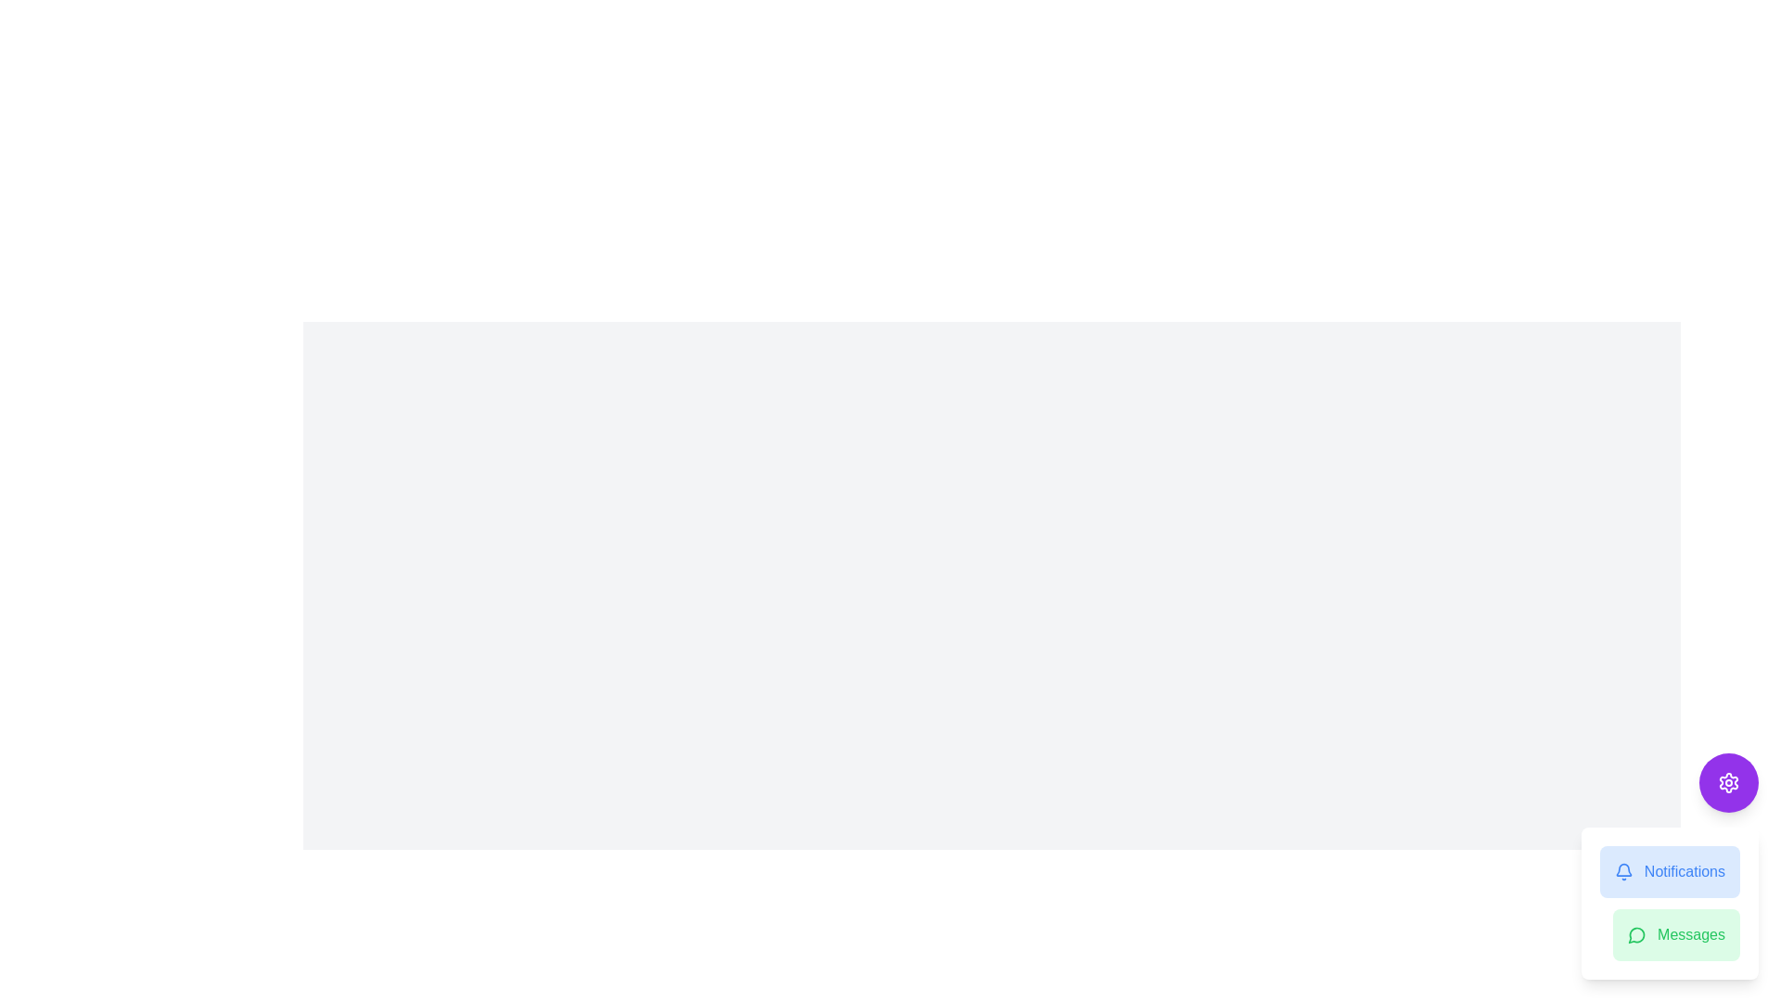 The image size is (1781, 1002). I want to click on the blue bell-shaped notification icon located in the top-left corner, near the label 'Notifications', so click(1622, 869).